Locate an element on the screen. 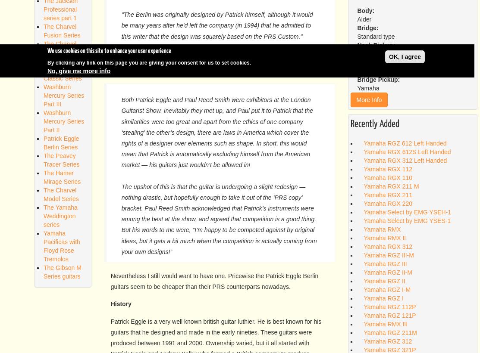  'The upshot of this is that the guitar is undergoing a slight redesign — nothing drastic, but hopefully enough to take it out of the ‘PRS copy’ bracket. Paul Reed Smith acknowledged that Patrick’s instruments were among the best at the show, and agreed that competition is a good thing. But his words to me were, “I’m happy to be competed against by original ideas, but it gets a bit much when the competition is actually coming from your own designs!”' is located at coordinates (219, 219).